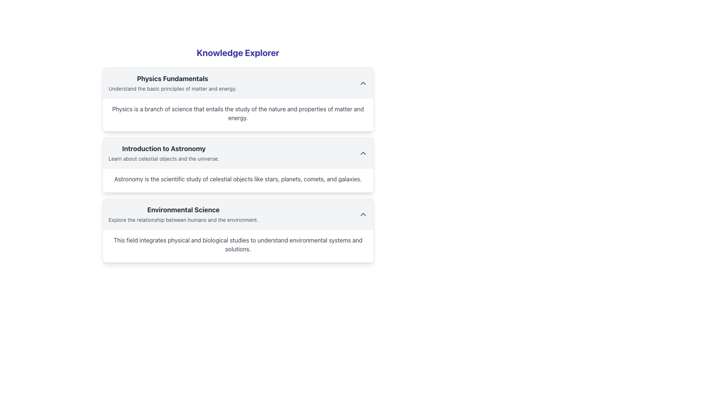  Describe the element at coordinates (363, 83) in the screenshot. I see `the arrow button in the top-right corner of the gray header labeled 'Physics Fundamentals'` at that location.